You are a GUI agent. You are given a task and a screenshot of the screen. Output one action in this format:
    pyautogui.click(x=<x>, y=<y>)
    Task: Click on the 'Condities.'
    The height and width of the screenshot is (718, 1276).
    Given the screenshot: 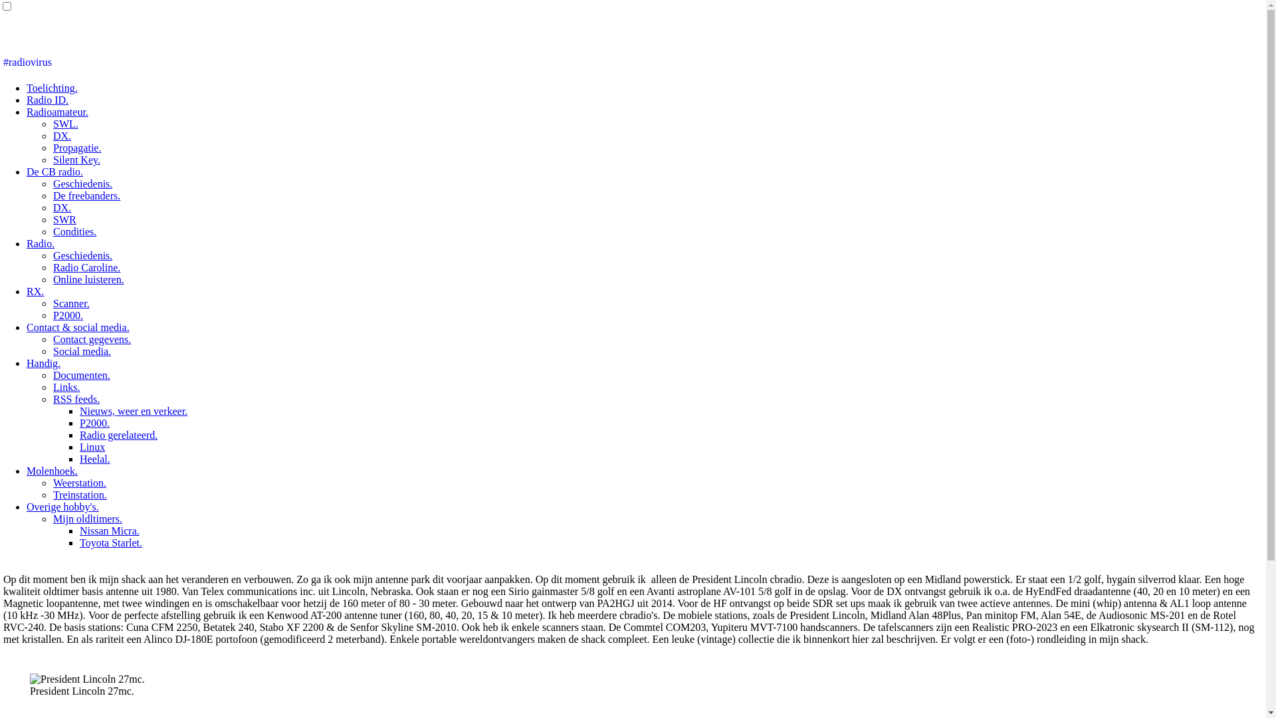 What is the action you would take?
    pyautogui.click(x=53, y=231)
    